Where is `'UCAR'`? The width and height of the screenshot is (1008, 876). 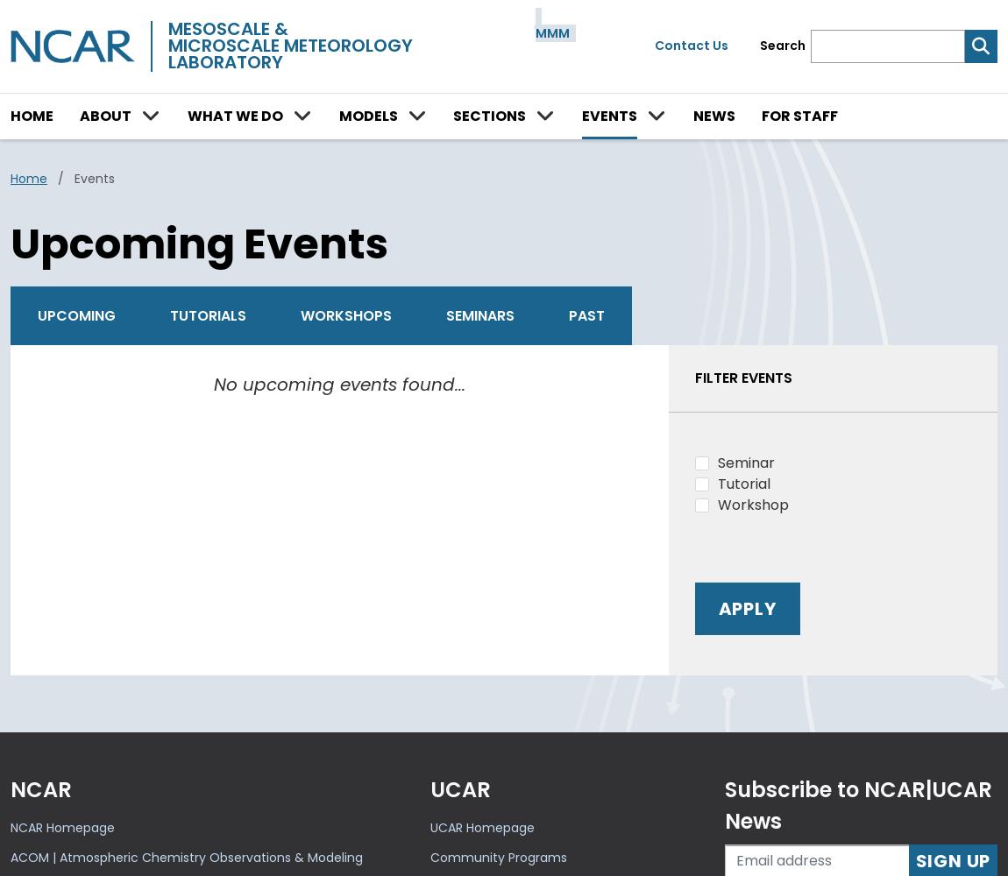
'UCAR' is located at coordinates (430, 788).